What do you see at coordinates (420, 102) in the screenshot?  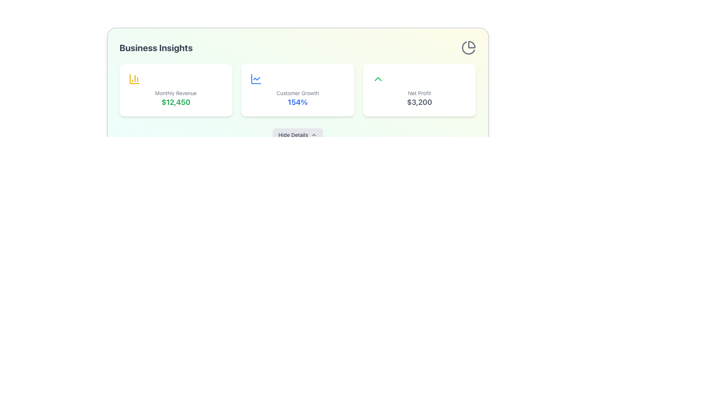 I see `the Text Display element that shows the net profit value, located beneath the 'Net Profit' label and a green upward-pointing arrow in the 'Business Insights' section` at bounding box center [420, 102].